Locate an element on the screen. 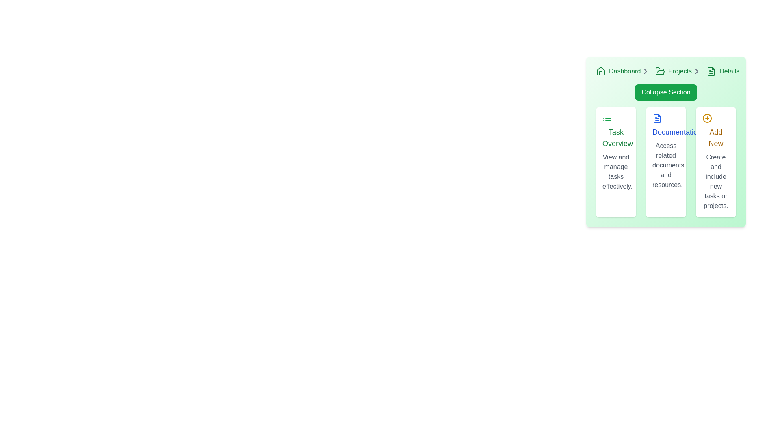 Image resolution: width=780 pixels, height=438 pixels. the 'Details' breadcrumb link located at the top right of the component, following the 'Projects' breadcrumb is located at coordinates (723, 71).